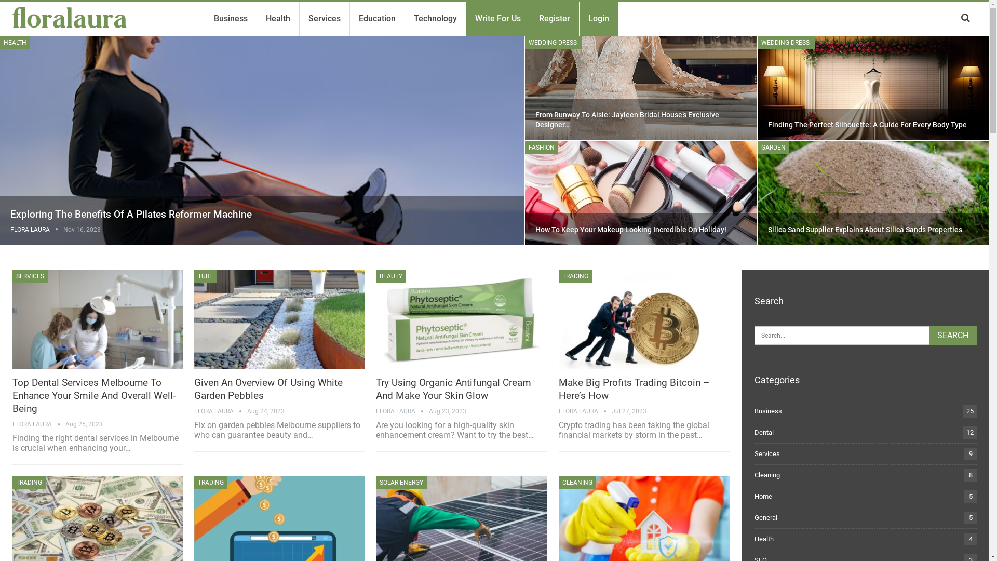  Describe the element at coordinates (575, 276) in the screenshot. I see `'TRADING'` at that location.